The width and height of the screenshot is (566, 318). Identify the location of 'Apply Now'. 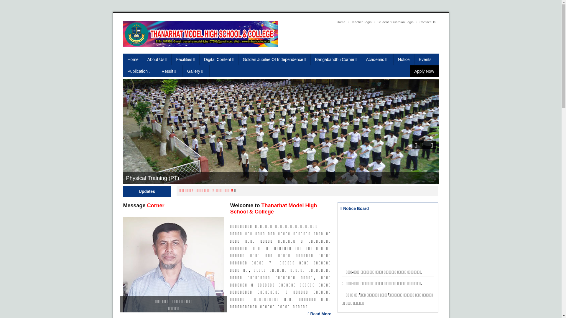
(424, 71).